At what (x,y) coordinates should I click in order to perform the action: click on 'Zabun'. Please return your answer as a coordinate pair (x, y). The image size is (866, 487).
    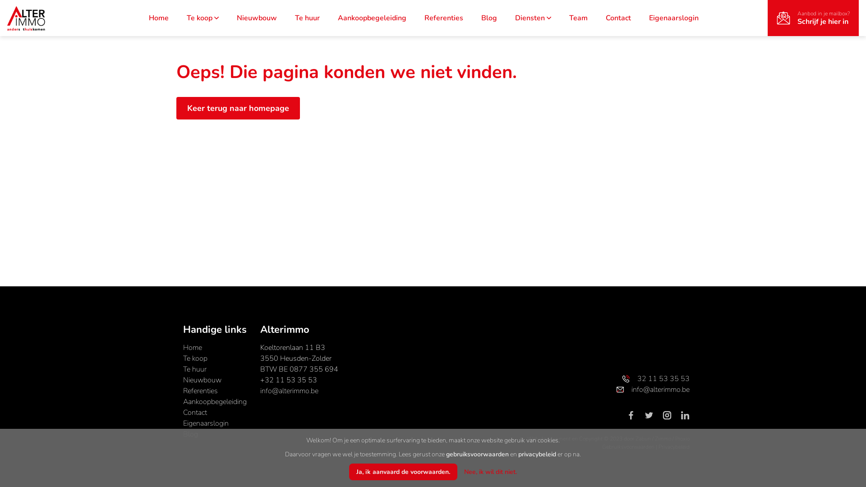
    Looking at the image, I should click on (642, 438).